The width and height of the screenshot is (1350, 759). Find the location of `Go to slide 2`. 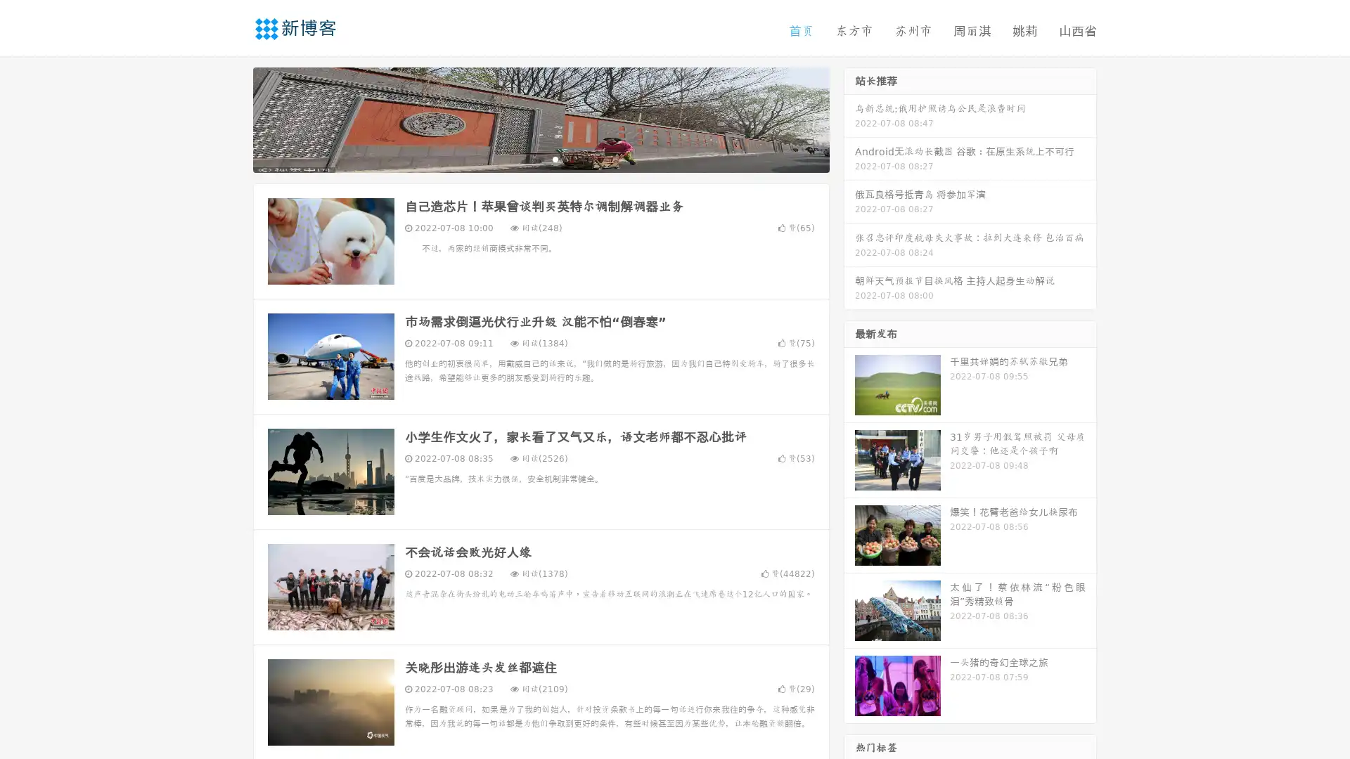

Go to slide 2 is located at coordinates (540, 158).